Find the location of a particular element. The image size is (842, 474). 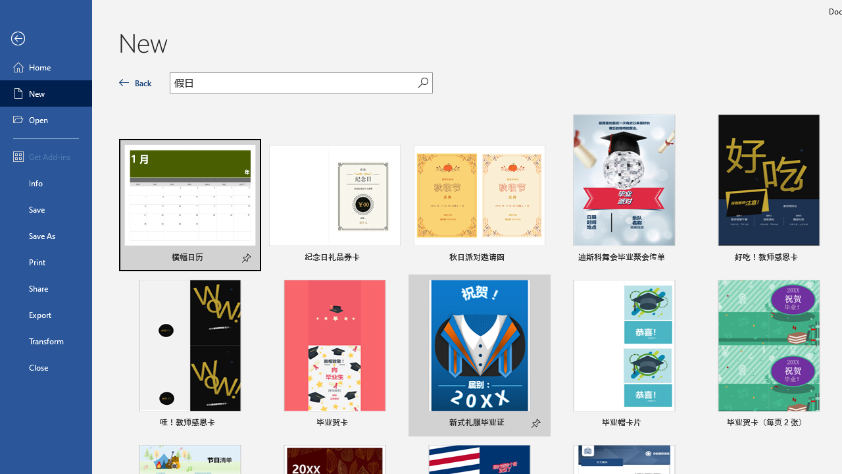

'New' is located at coordinates (45, 92).